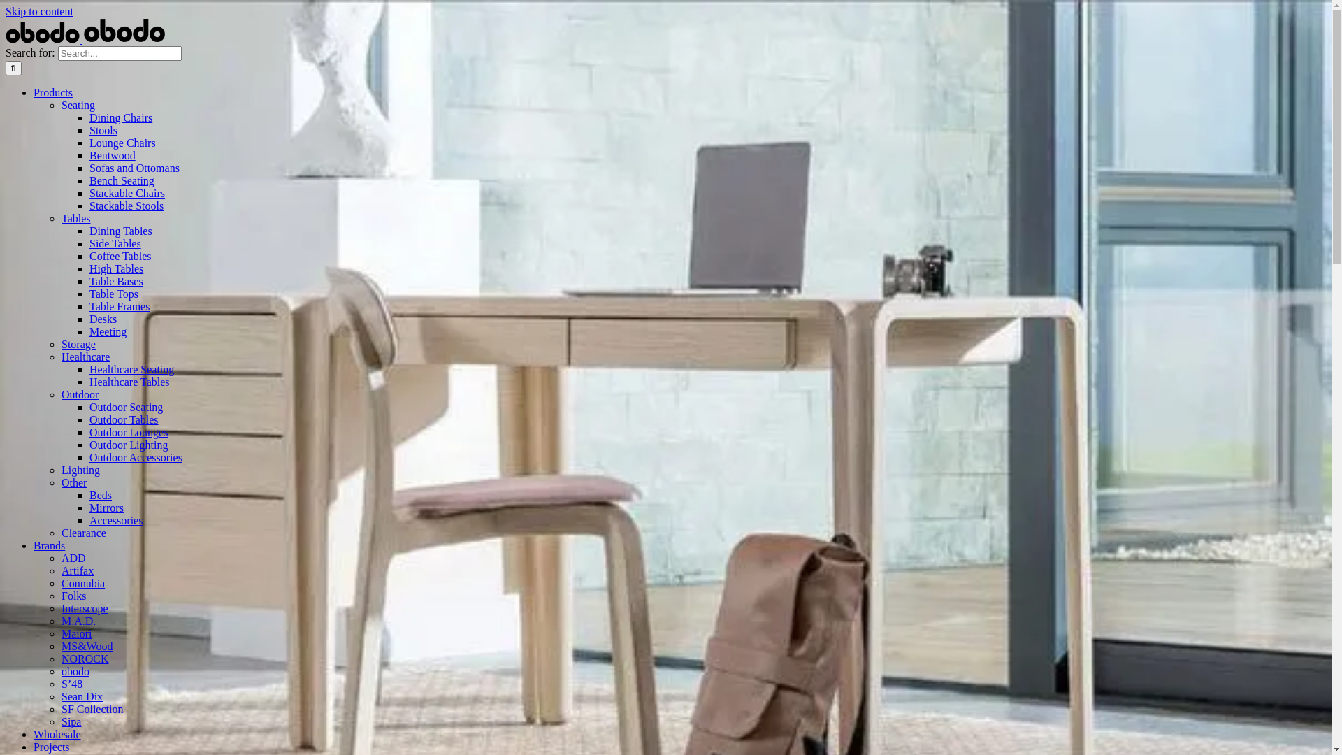  I want to click on 'Outdoor Lounges', so click(128, 431).